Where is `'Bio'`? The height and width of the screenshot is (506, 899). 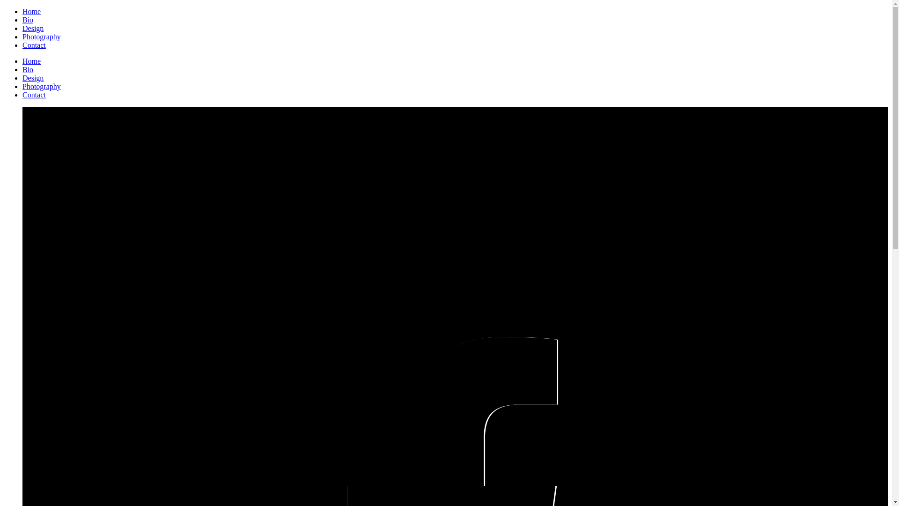 'Bio' is located at coordinates (28, 20).